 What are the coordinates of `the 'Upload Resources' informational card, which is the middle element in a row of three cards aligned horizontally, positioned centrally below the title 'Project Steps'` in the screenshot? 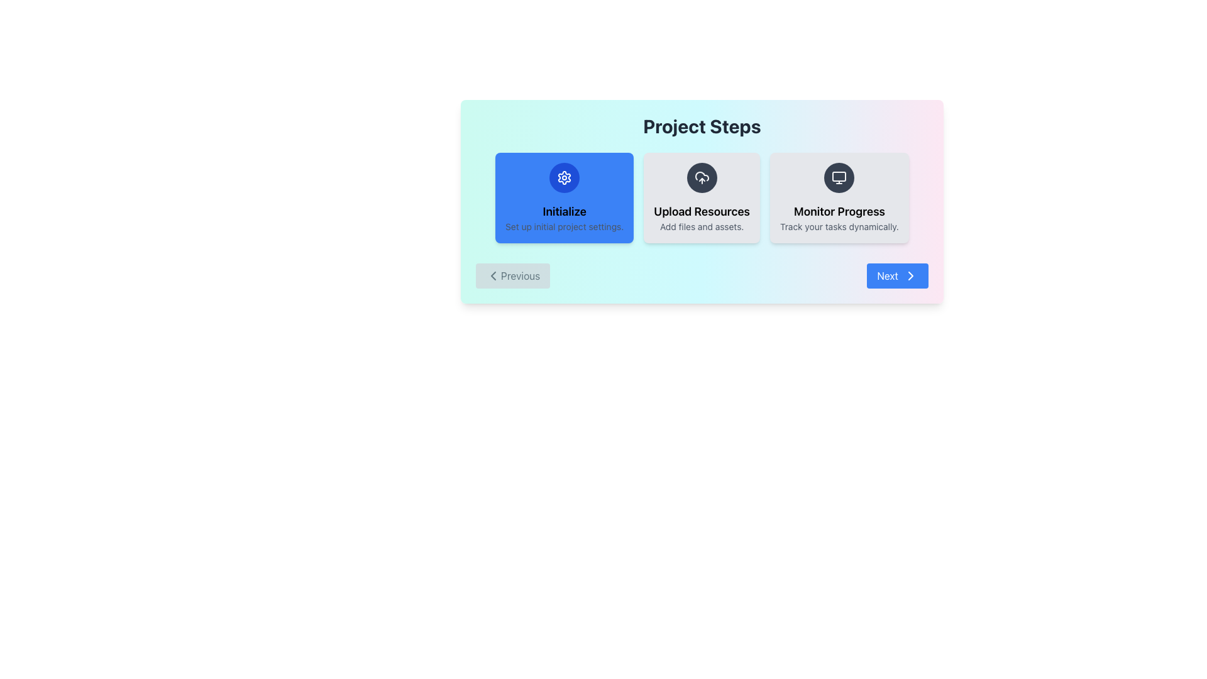 It's located at (702, 198).